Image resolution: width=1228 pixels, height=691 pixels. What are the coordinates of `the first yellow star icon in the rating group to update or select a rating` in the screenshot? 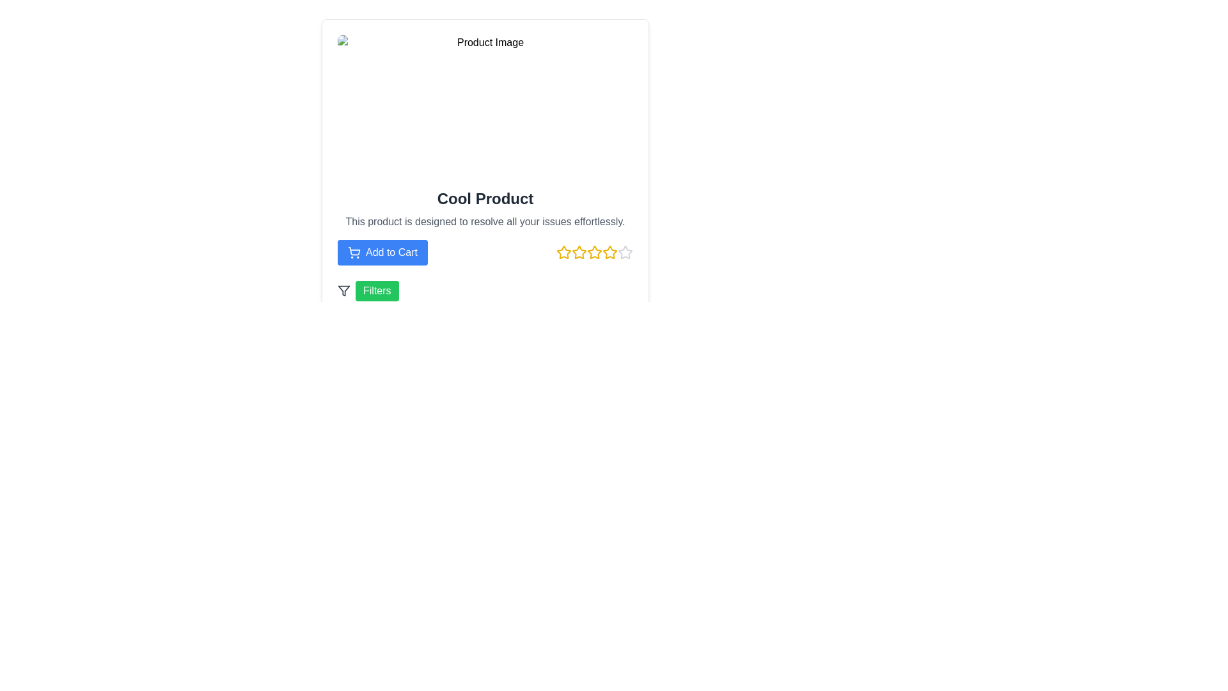 It's located at (563, 252).